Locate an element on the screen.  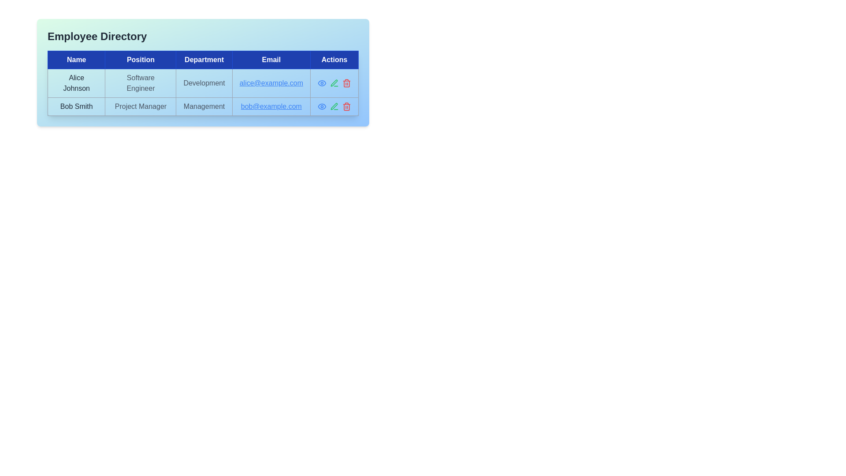
the pen-shaped 'Edit' icon button located in the 'Actions' column of the first row in the table is located at coordinates (334, 106).